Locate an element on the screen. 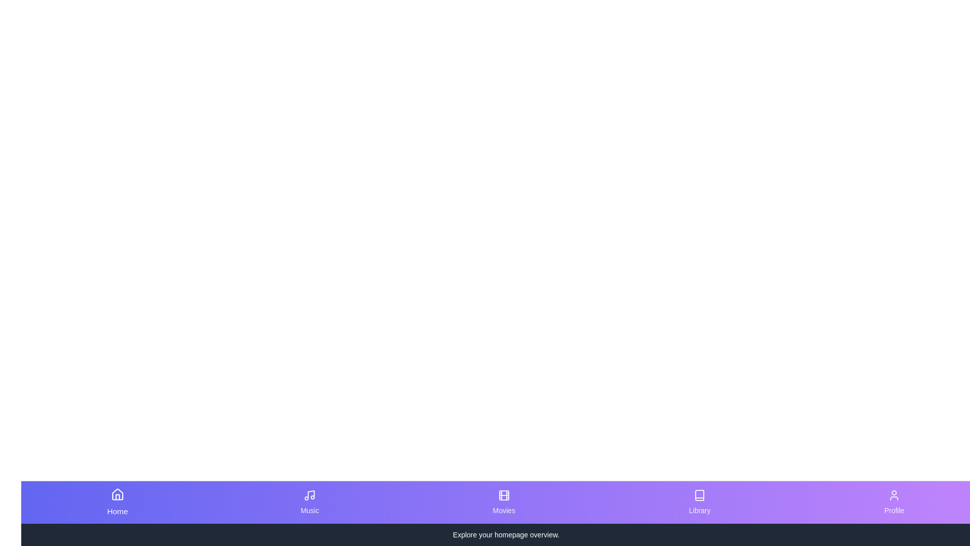 This screenshot has width=970, height=546. the tab labeled Library to see the hover effect is located at coordinates (699, 503).